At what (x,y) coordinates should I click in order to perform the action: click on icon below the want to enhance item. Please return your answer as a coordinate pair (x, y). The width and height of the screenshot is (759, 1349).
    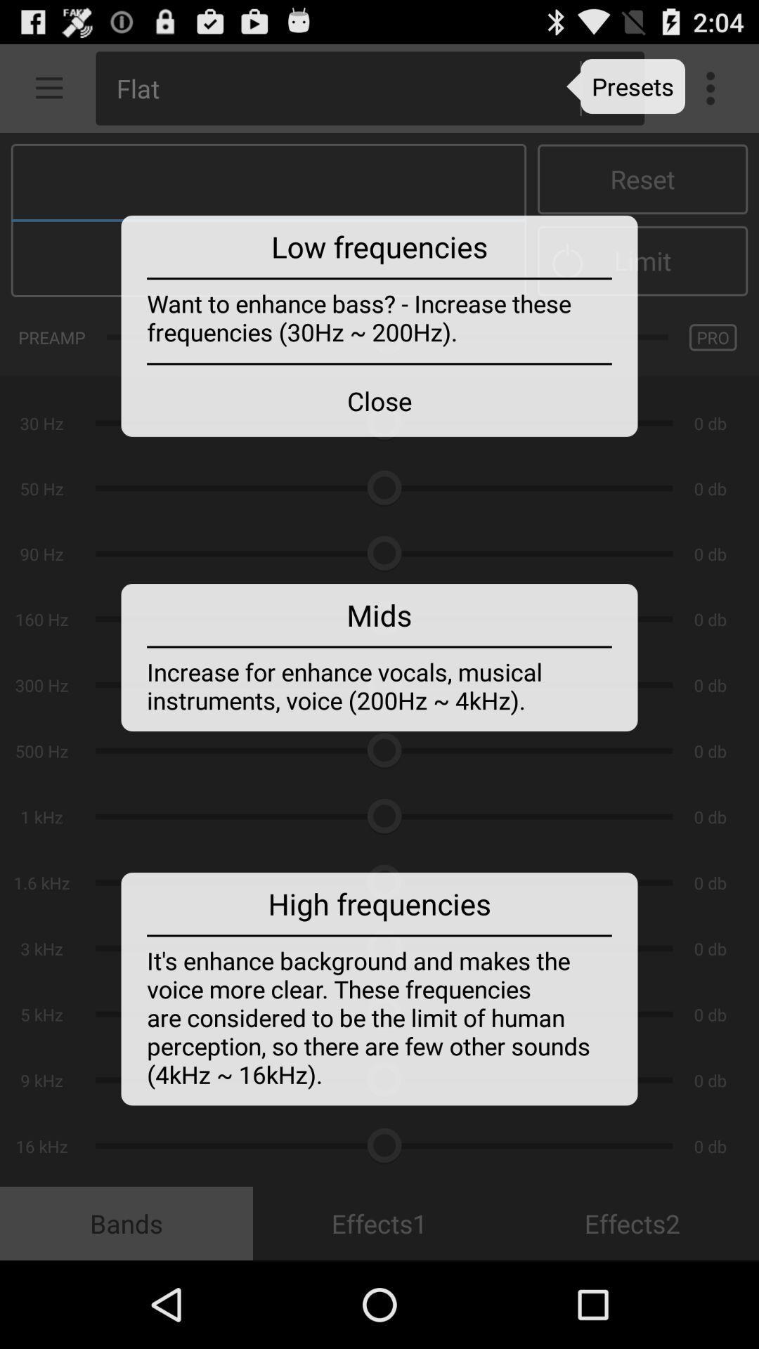
    Looking at the image, I should click on (379, 400).